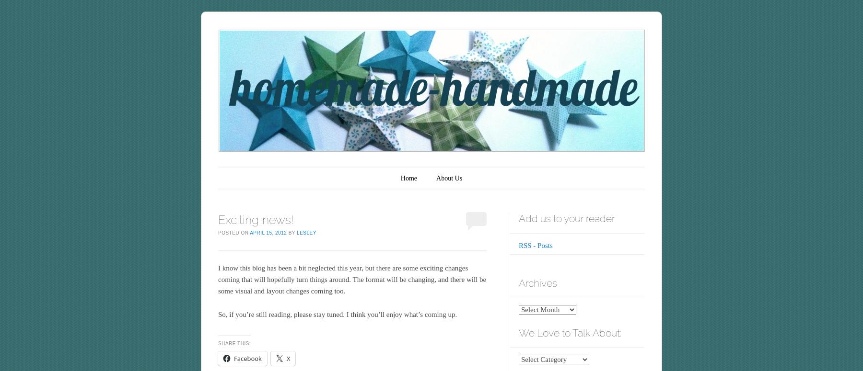 This screenshot has height=371, width=863. What do you see at coordinates (233, 232) in the screenshot?
I see `'Posted on'` at bounding box center [233, 232].